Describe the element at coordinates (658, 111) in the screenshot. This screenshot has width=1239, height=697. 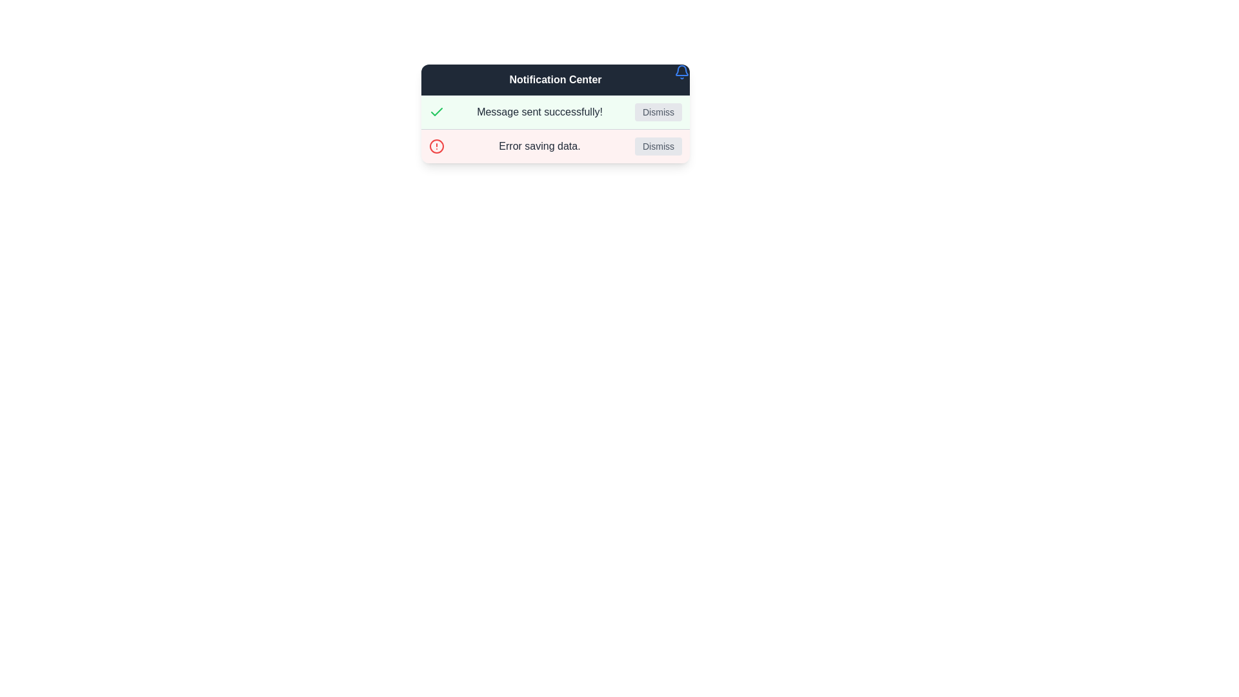
I see `the dismiss button located in the top-right corner of the green notification box containing the message 'Message sent successfully!'` at that location.